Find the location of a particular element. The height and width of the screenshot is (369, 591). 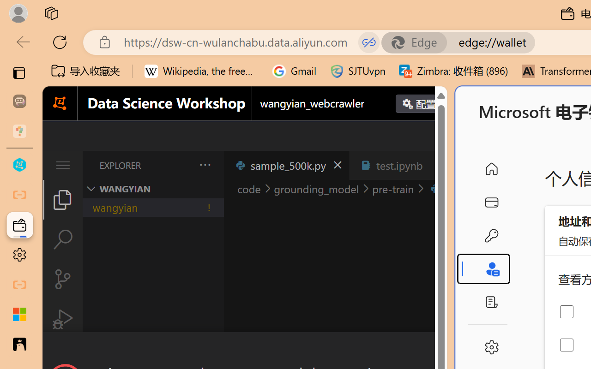

'Explorer actions' is located at coordinates (181, 165).